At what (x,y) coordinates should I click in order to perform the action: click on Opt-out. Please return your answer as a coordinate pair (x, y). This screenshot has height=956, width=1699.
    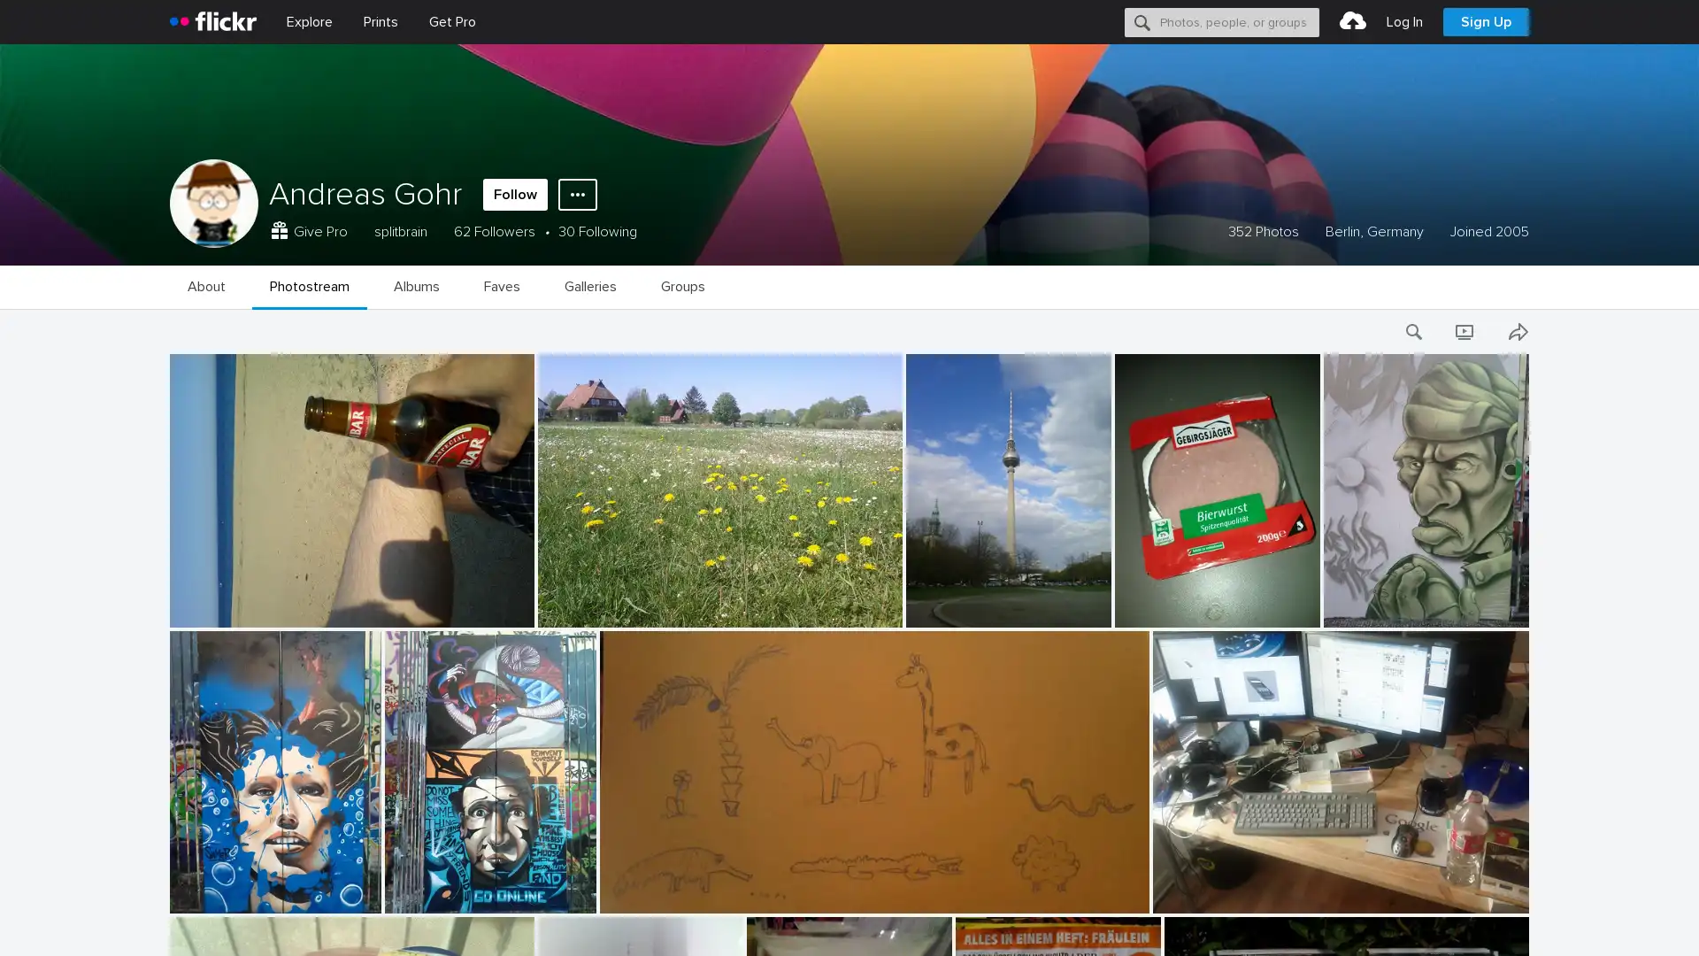
    Looking at the image, I should click on (1430, 921).